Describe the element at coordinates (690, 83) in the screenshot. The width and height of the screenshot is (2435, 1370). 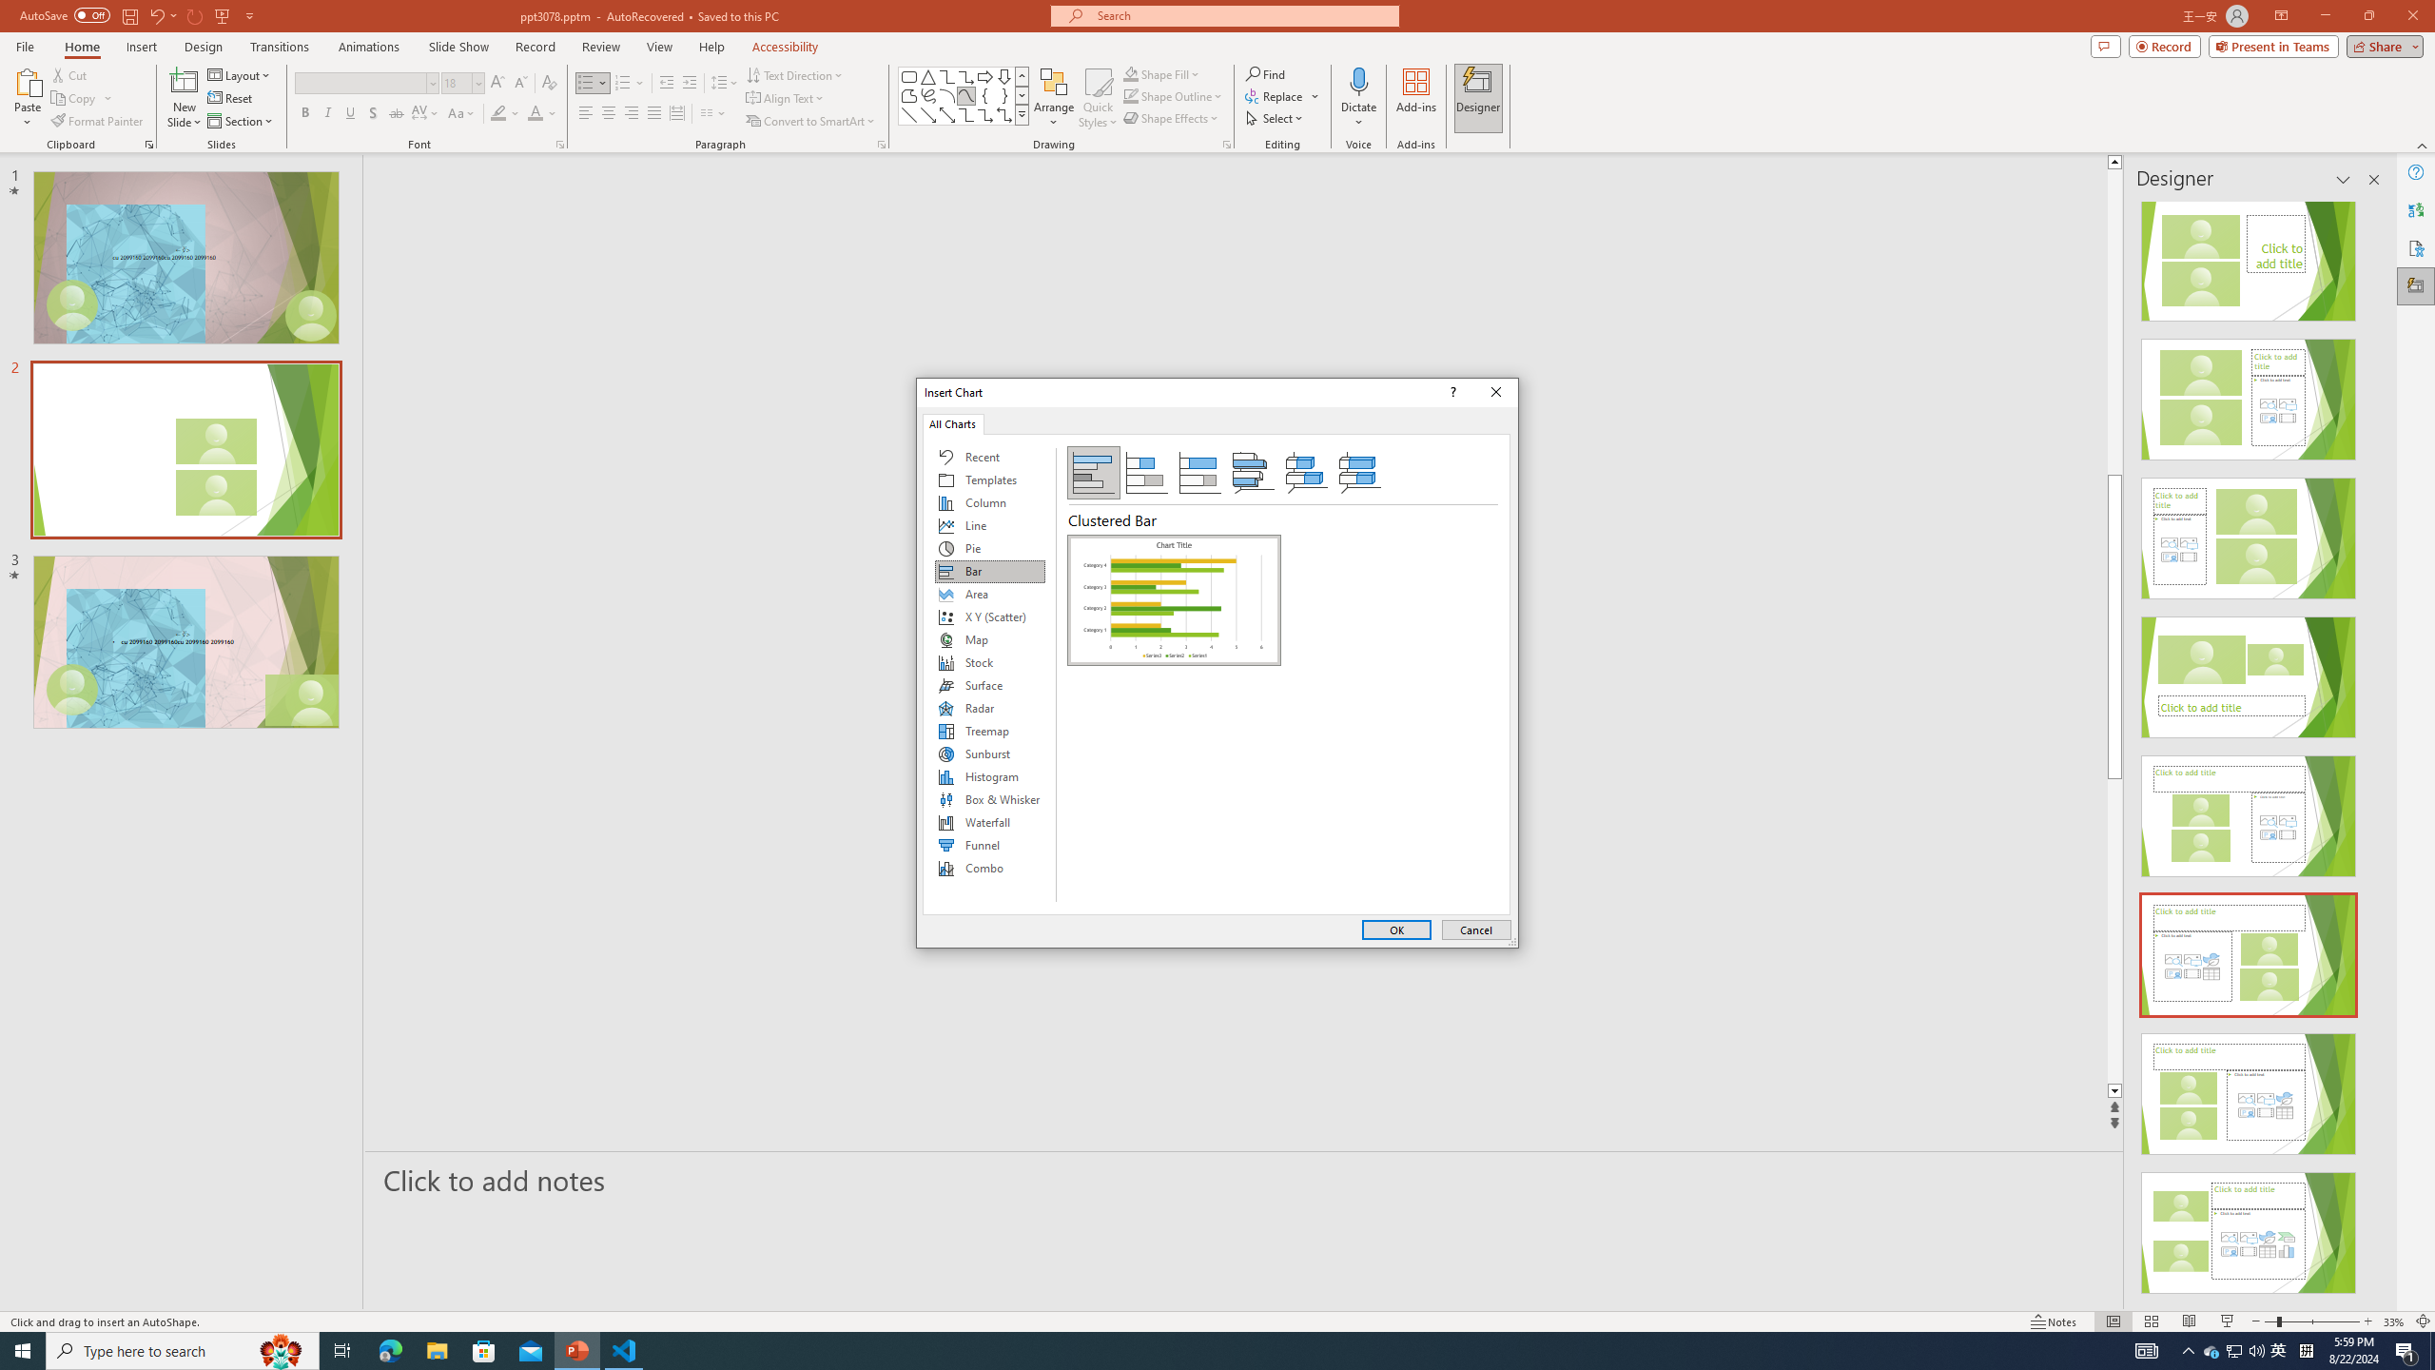
I see `'Increase Indent'` at that location.